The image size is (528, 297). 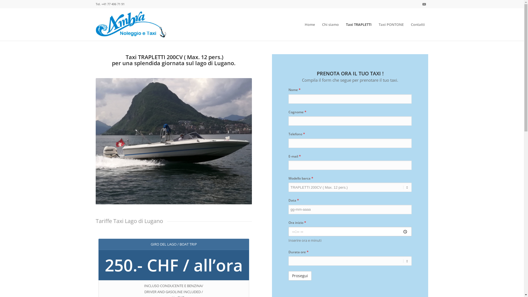 I want to click on 'Taxi TRAPLETTI', so click(x=358, y=24).